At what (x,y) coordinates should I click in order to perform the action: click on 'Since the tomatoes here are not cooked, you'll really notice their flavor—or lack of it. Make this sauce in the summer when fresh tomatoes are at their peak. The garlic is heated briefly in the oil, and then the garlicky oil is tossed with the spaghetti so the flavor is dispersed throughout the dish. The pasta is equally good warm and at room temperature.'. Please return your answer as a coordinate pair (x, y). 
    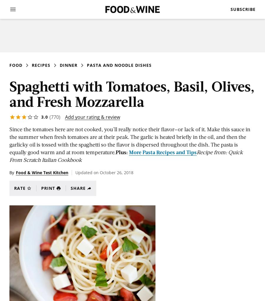
    Looking at the image, I should click on (9, 141).